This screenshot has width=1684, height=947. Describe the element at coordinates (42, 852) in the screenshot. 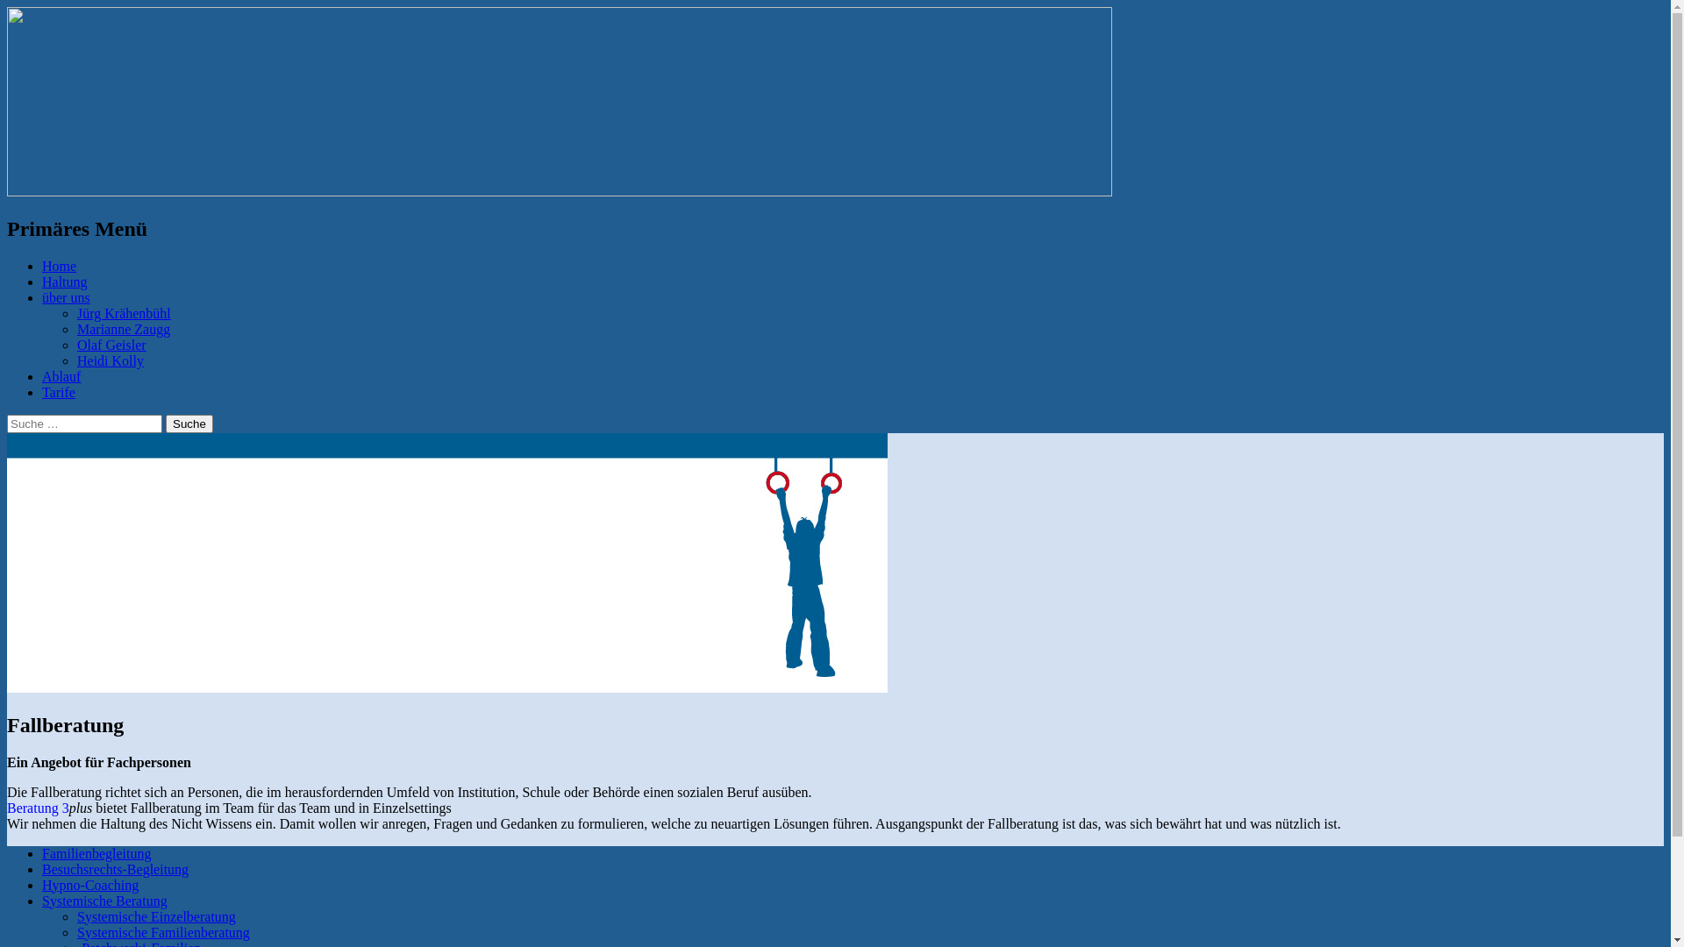

I see `'Familienbegleitung'` at that location.